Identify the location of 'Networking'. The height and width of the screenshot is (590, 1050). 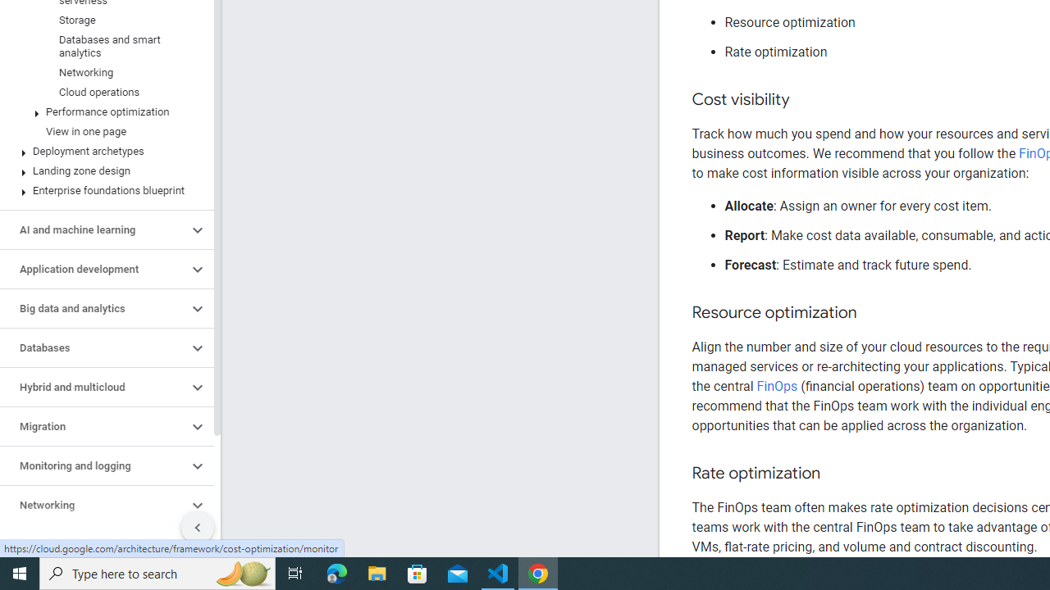
(93, 505).